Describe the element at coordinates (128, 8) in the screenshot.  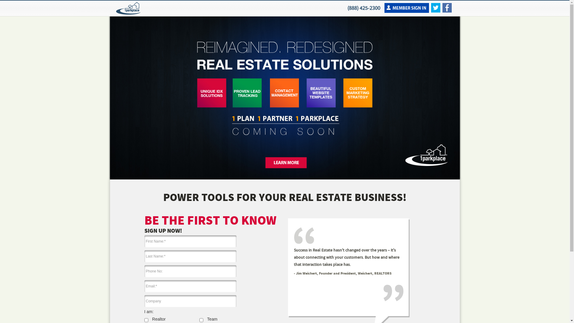
I see `'1ParkPlace'` at that location.